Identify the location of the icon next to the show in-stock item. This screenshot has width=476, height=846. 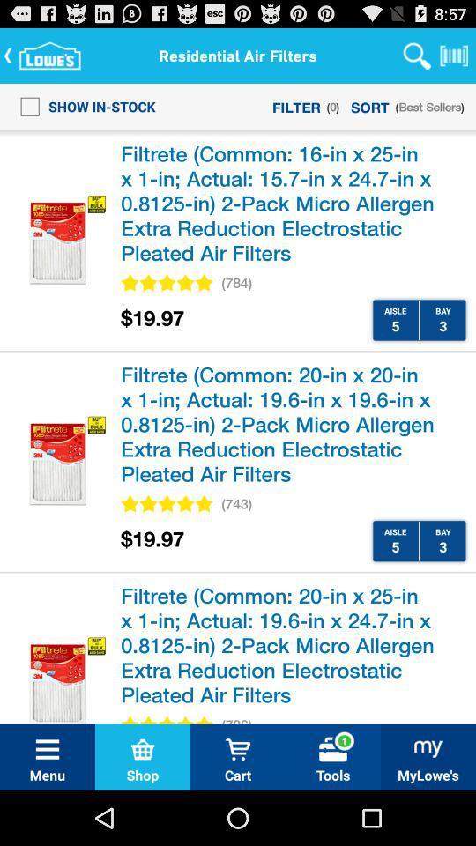
(296, 106).